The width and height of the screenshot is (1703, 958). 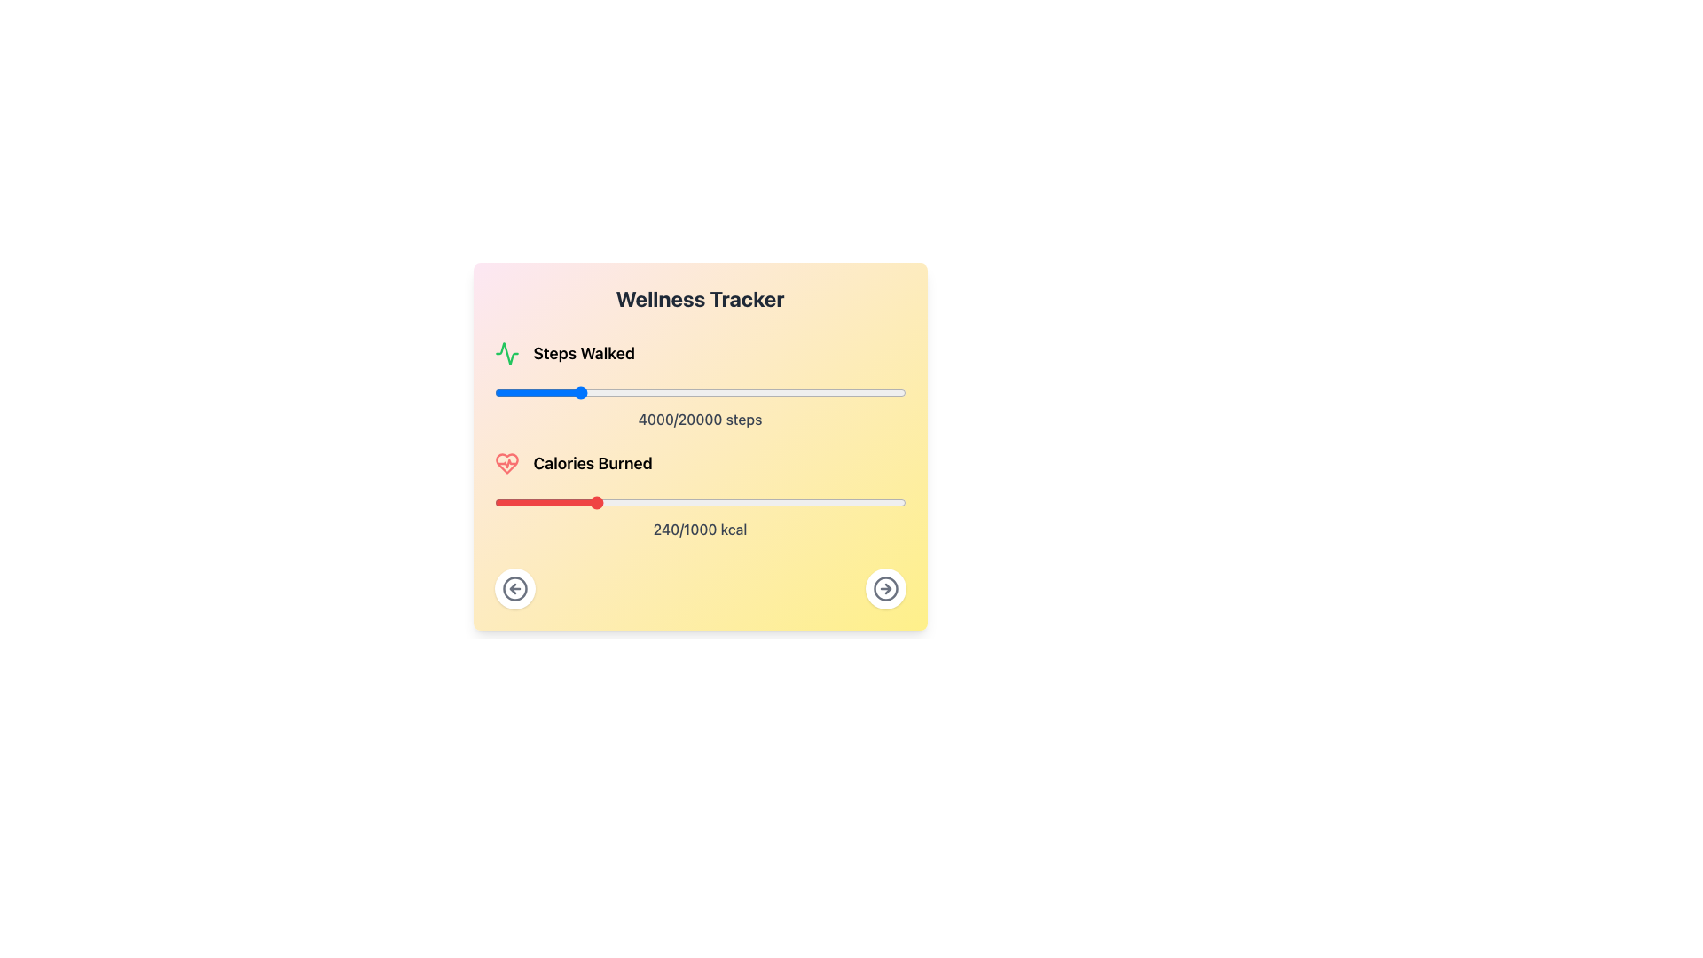 I want to click on the 'Steps Walked' slider, so click(x=514, y=392).